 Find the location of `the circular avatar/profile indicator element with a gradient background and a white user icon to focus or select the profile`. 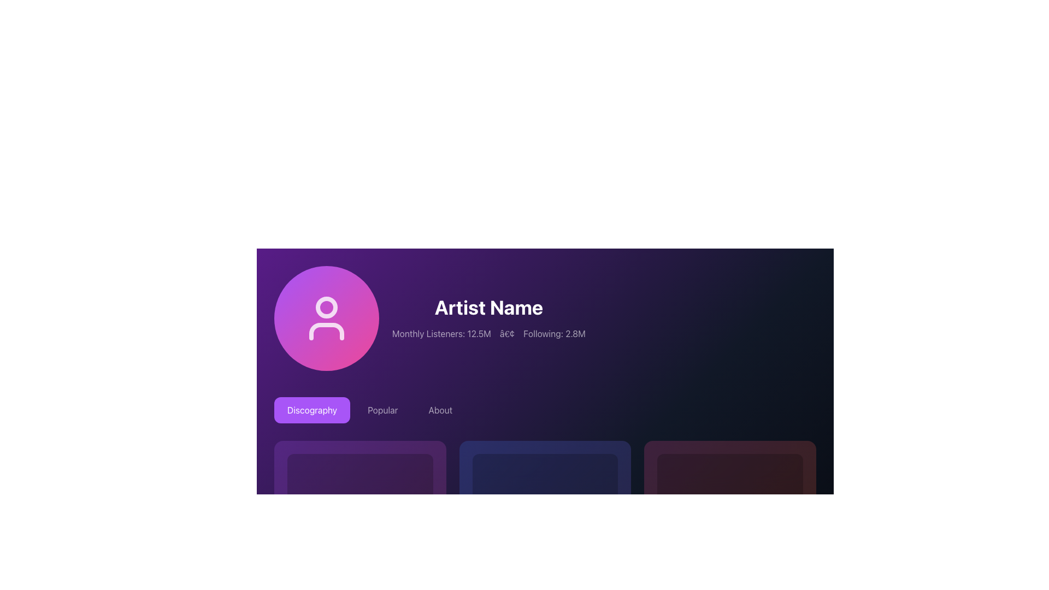

the circular avatar/profile indicator element with a gradient background and a white user icon to focus or select the profile is located at coordinates (326, 318).